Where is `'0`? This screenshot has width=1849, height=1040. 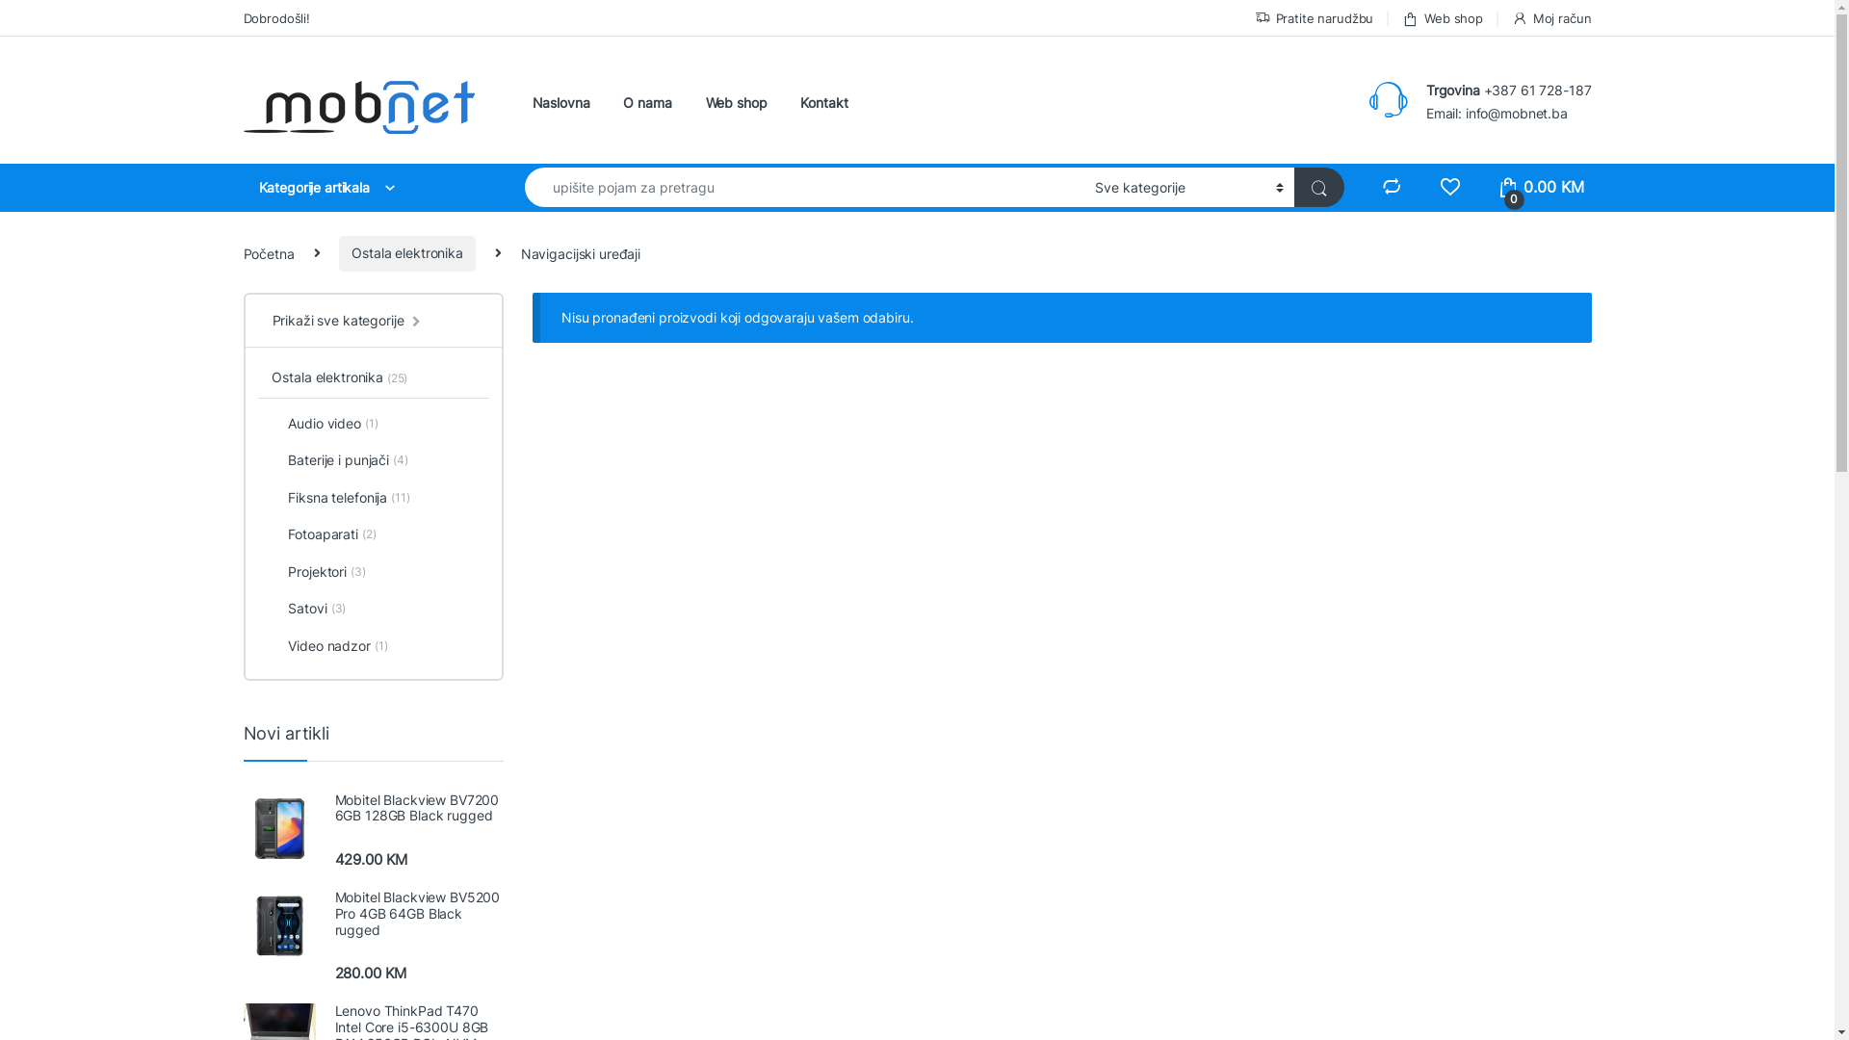 '0 is located at coordinates (1497, 188).